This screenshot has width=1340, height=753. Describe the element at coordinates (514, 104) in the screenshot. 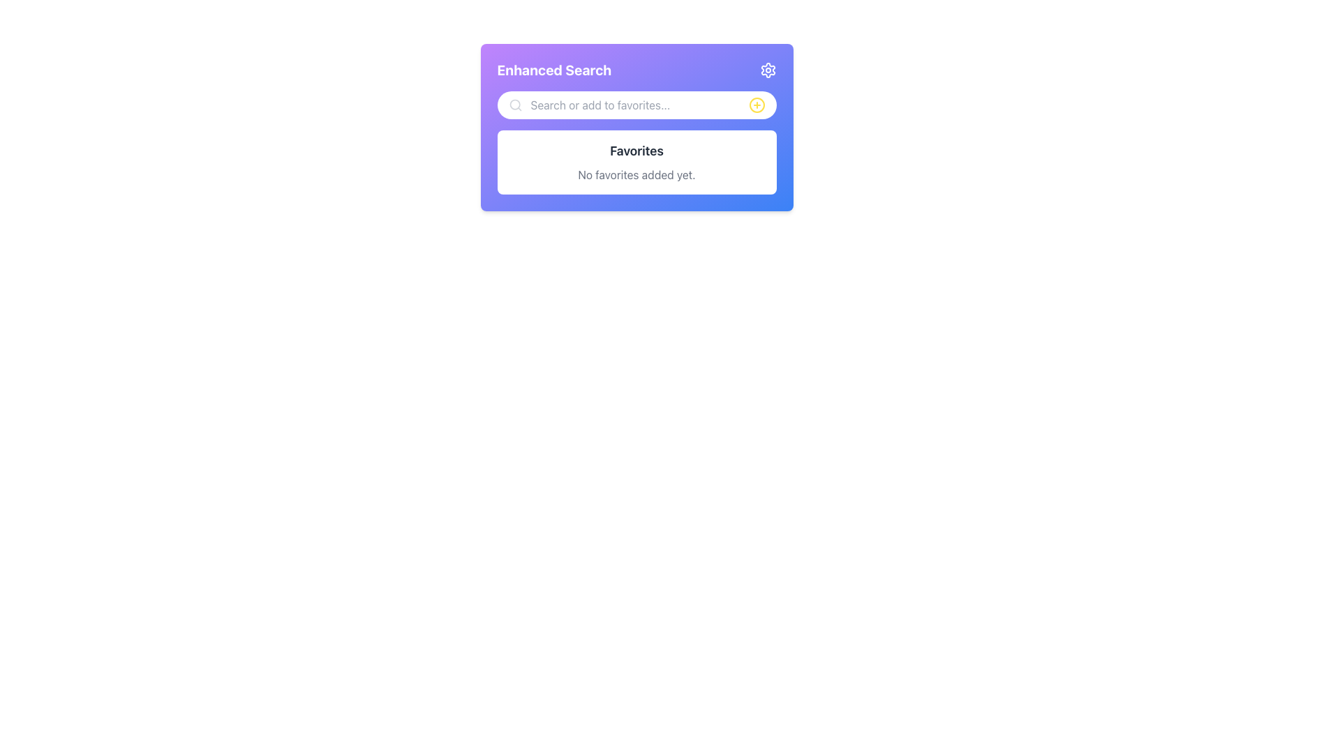

I see `the magnifying glass icon associated with the search functionality, which is positioned to the left within the input field labeled 'Search or add to favorites...'` at that location.